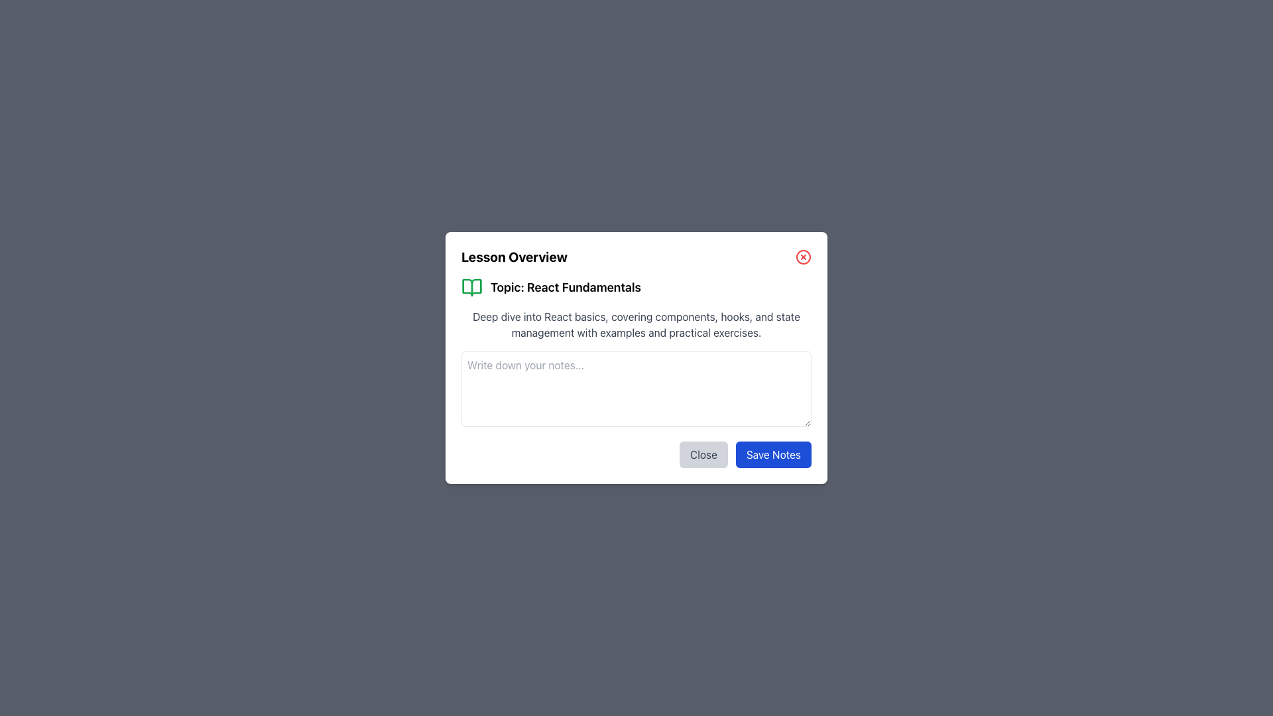 Image resolution: width=1273 pixels, height=716 pixels. What do you see at coordinates (714, 248) in the screenshot?
I see `the purpose of the modal` at bounding box center [714, 248].